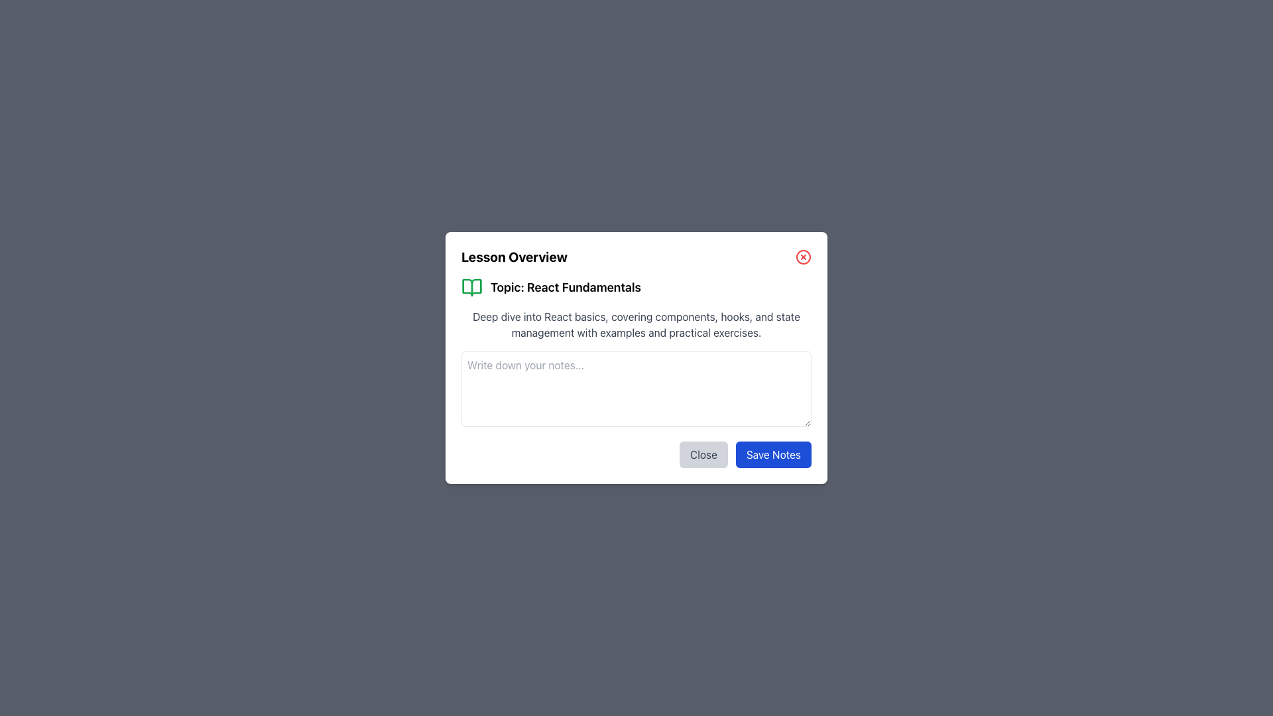 Image resolution: width=1273 pixels, height=716 pixels. What do you see at coordinates (714, 248) in the screenshot?
I see `the purpose of the modal` at bounding box center [714, 248].